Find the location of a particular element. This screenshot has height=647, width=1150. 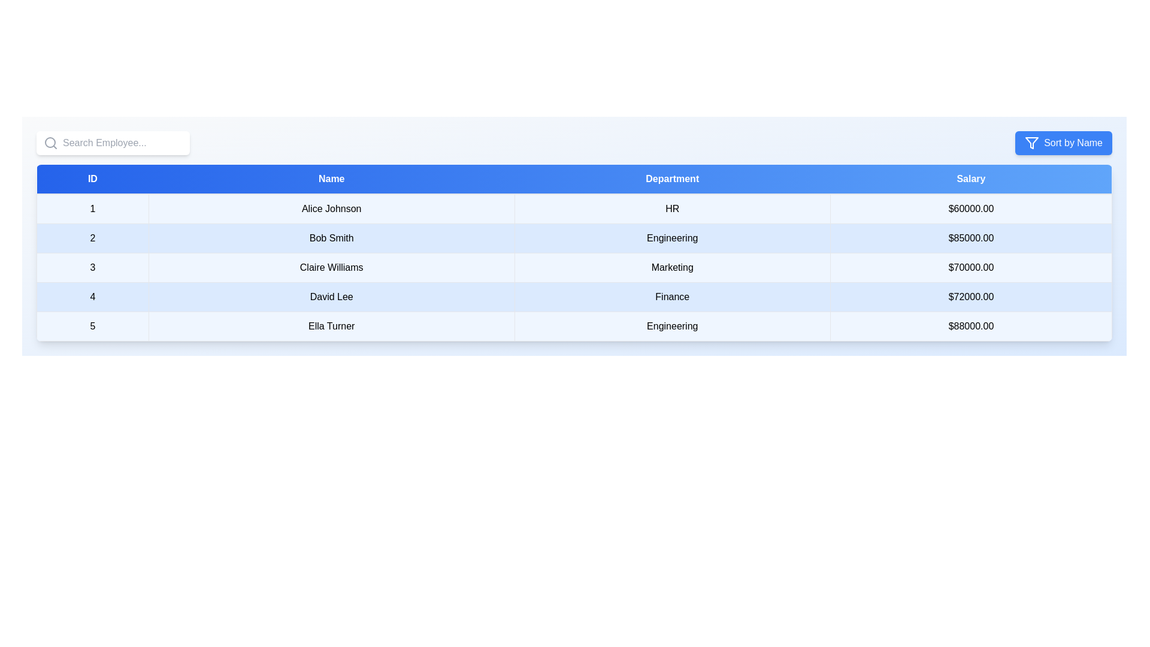

the table row for ID 4, which contains the name 'David Lee' is located at coordinates (574, 297).